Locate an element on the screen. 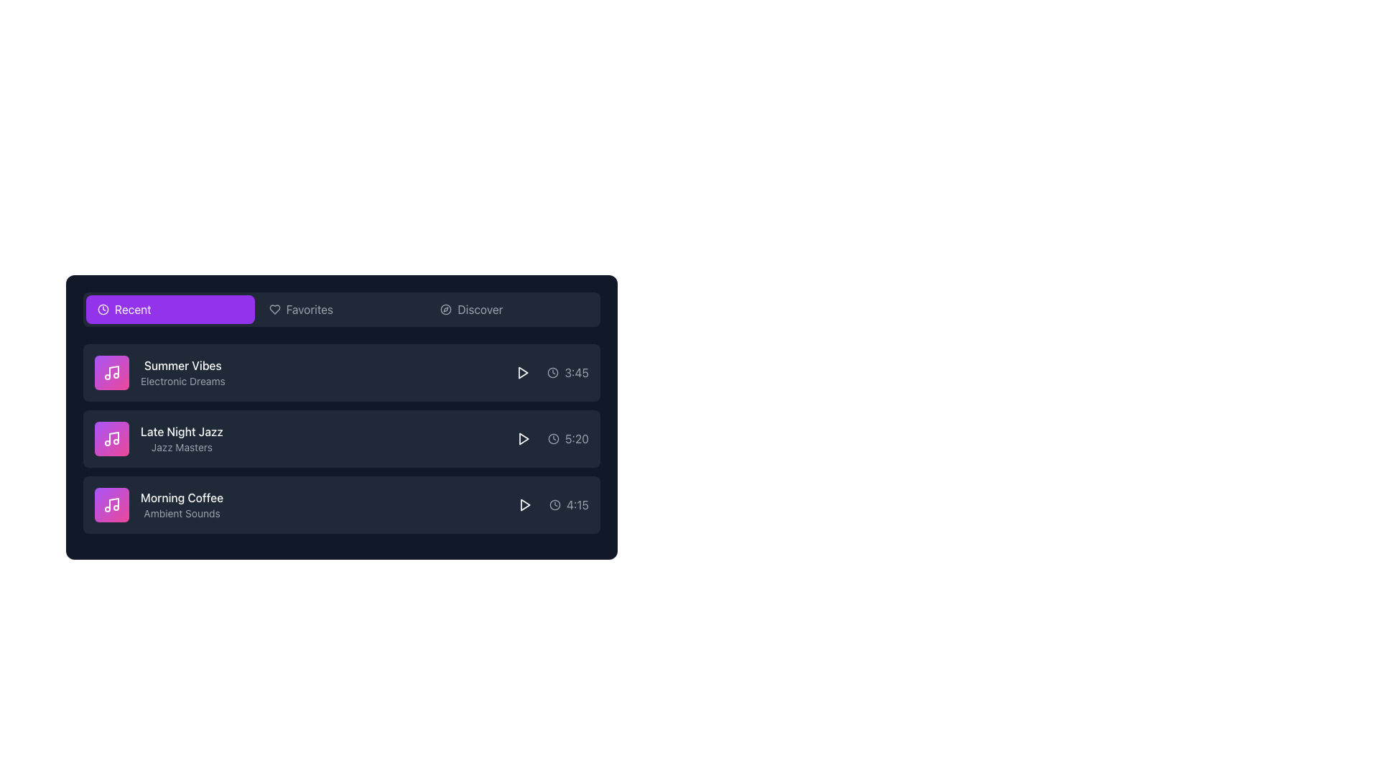 Image resolution: width=1379 pixels, height=776 pixels. the interactive list item labeled 'Late Night Jazz' by 'Jazz Masters' is located at coordinates (340, 438).